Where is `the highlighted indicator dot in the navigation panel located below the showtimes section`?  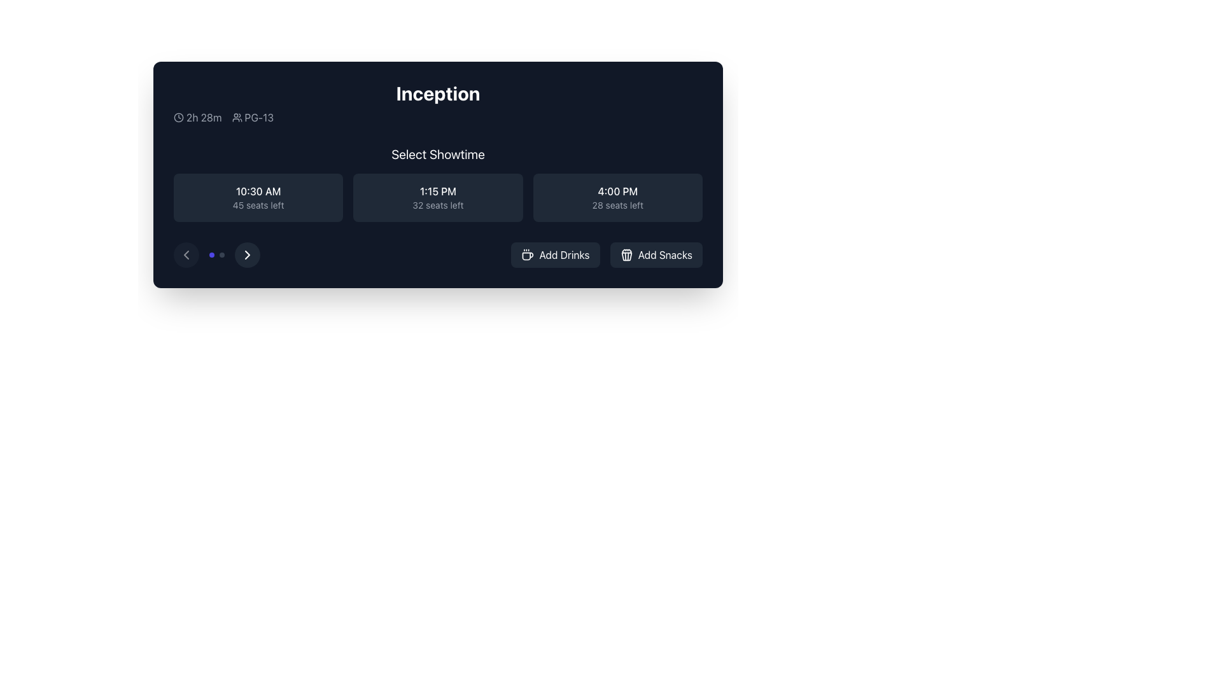
the highlighted indicator dot in the navigation panel located below the showtimes section is located at coordinates (216, 255).